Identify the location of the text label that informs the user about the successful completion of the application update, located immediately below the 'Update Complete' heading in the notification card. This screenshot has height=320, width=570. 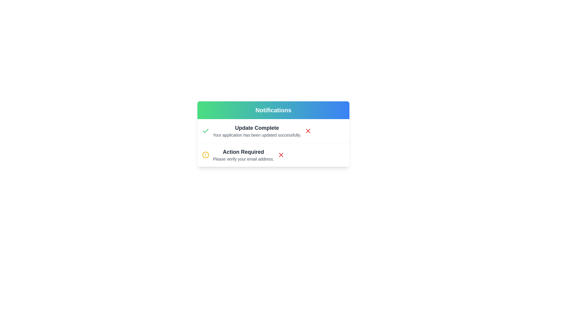
(257, 135).